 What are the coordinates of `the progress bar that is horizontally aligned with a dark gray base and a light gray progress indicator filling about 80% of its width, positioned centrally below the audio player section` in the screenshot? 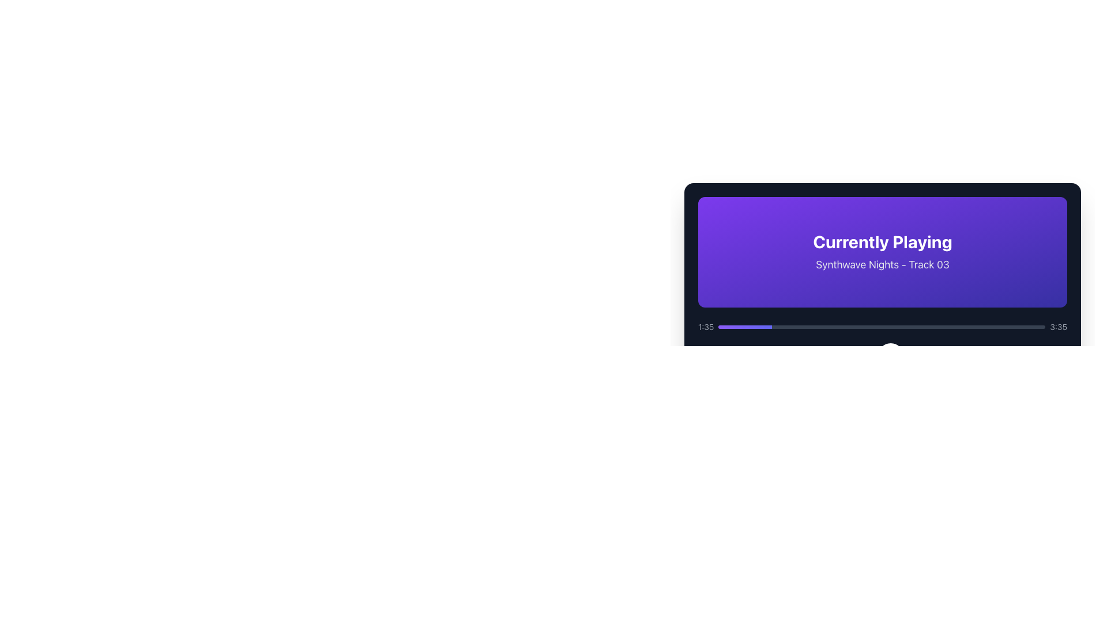 It's located at (741, 355).